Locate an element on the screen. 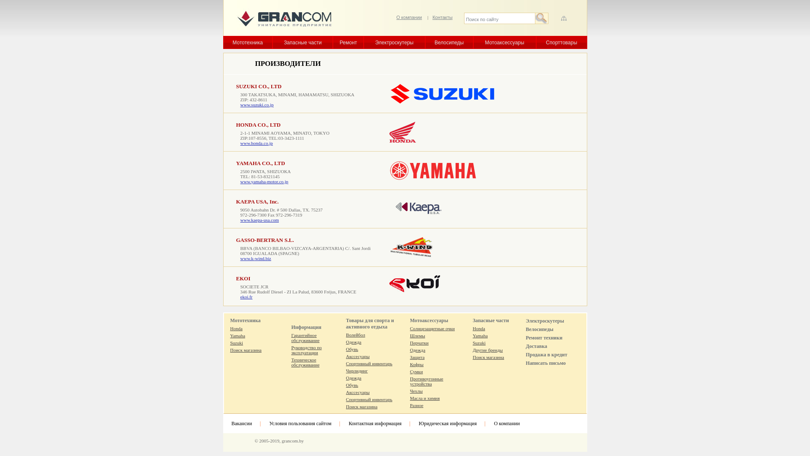 The width and height of the screenshot is (810, 456). 'www.suzuki.co.jp' is located at coordinates (240, 104).